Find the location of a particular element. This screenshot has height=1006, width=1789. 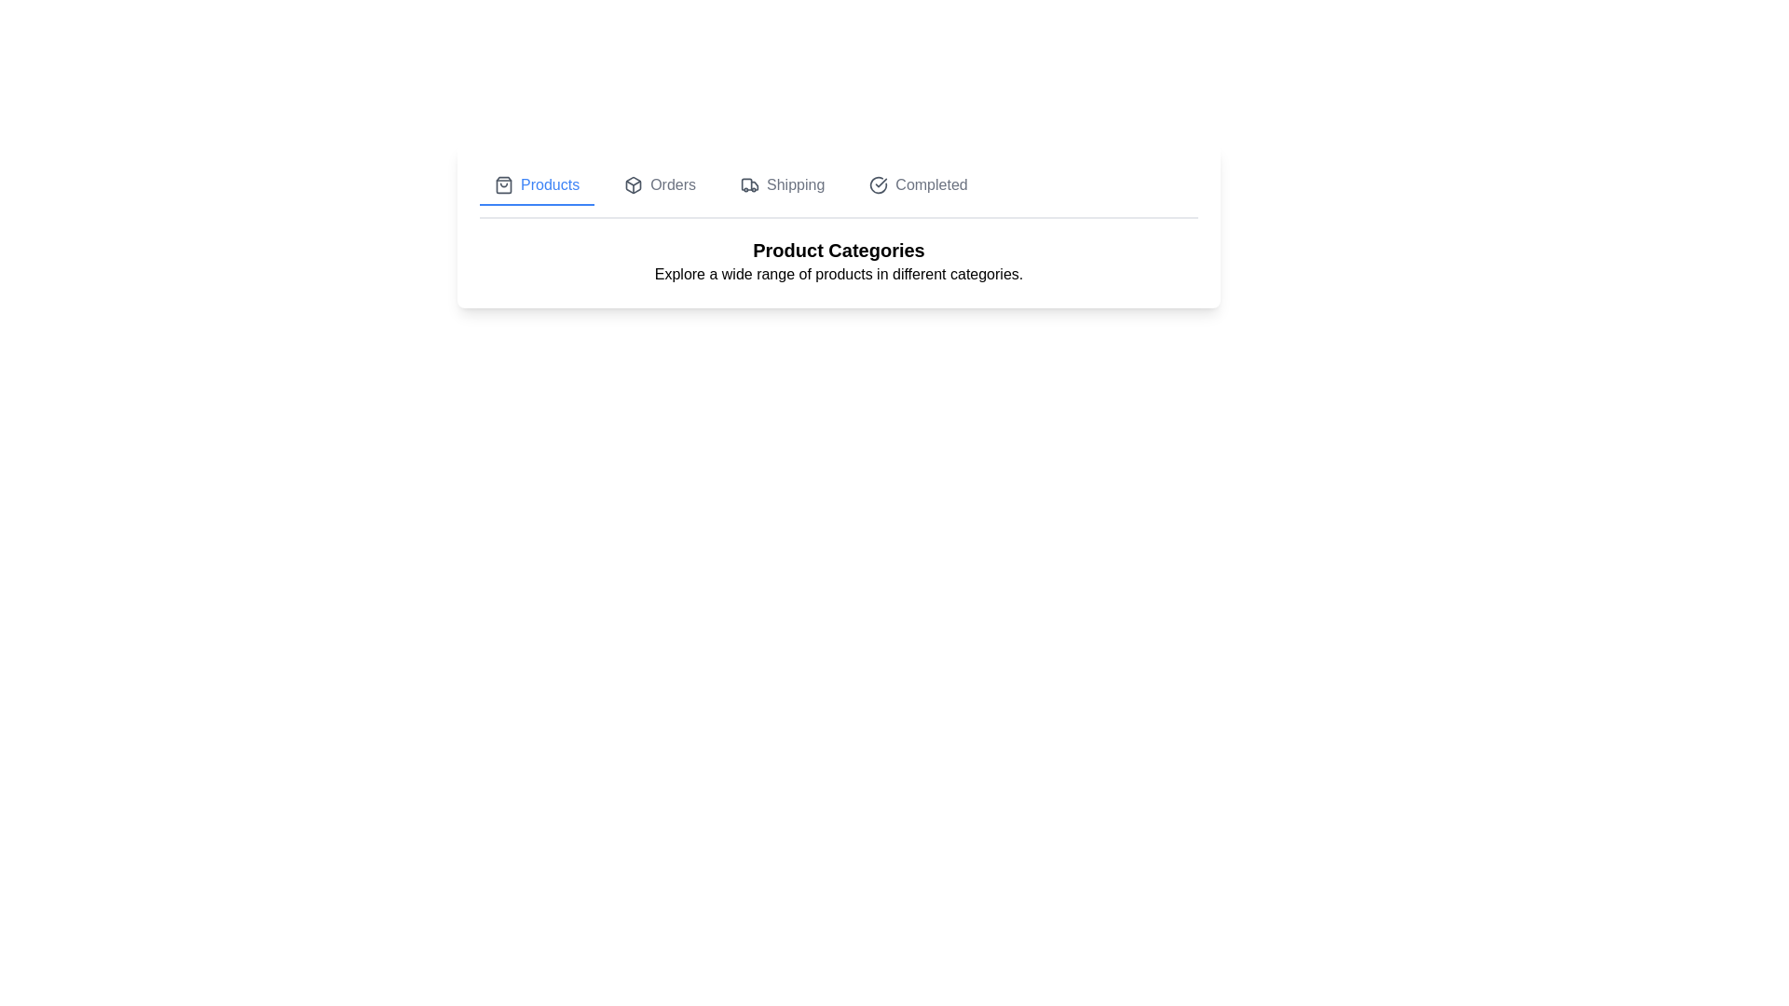

the active 'Products' tab in the navigation bar, which is styled in blue and has a shopping bag icon to its left is located at coordinates (536, 186).